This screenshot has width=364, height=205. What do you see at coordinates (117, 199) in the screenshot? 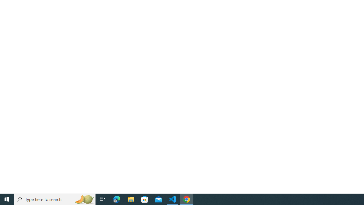
I see `'Microsoft Edge'` at bounding box center [117, 199].